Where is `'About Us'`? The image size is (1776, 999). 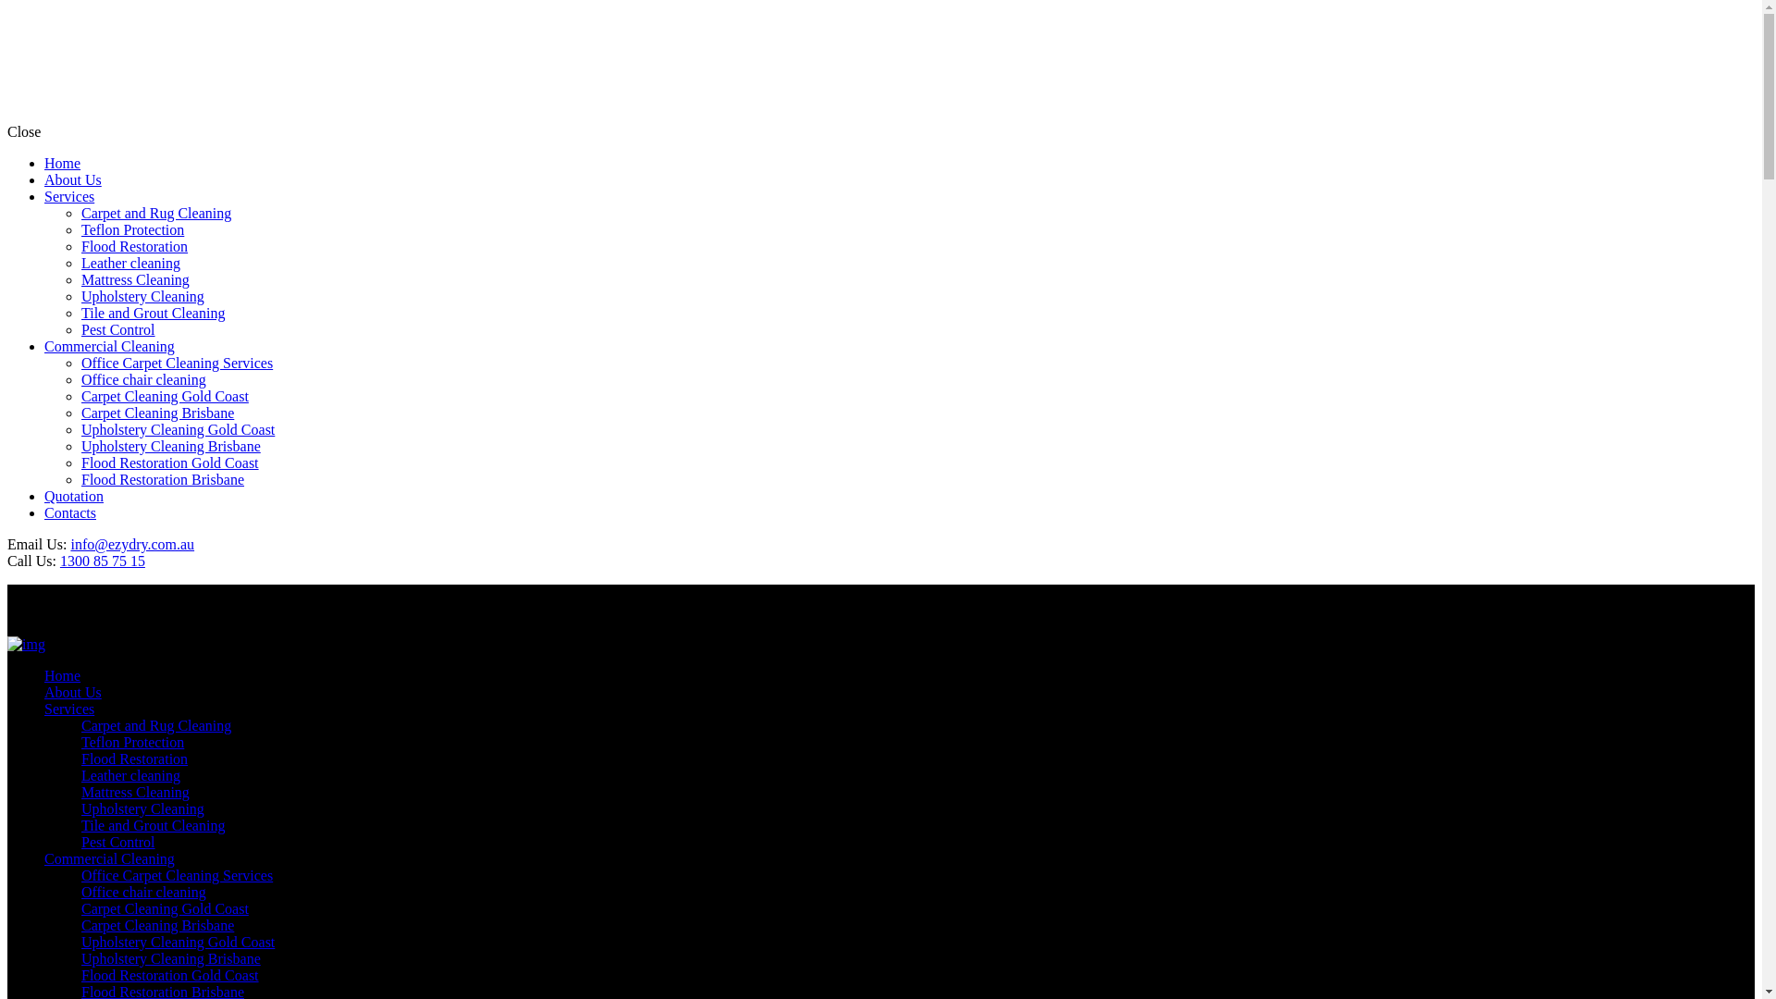 'About Us' is located at coordinates (72, 692).